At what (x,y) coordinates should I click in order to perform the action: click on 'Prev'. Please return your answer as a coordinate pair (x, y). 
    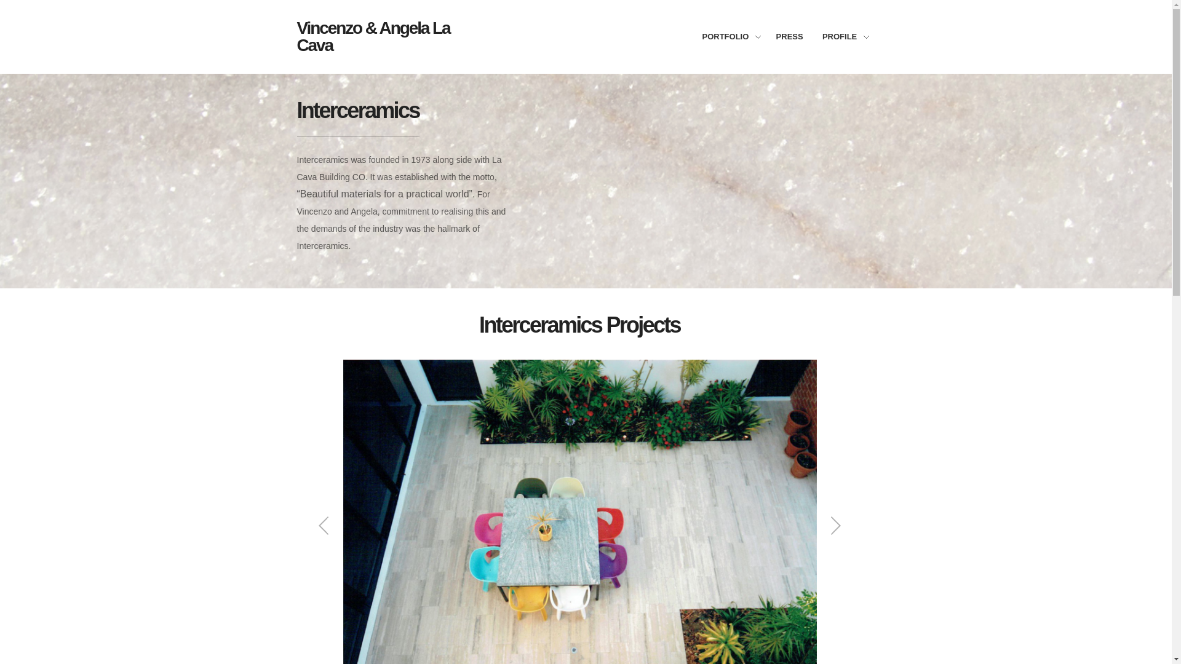
    Looking at the image, I should click on (324, 526).